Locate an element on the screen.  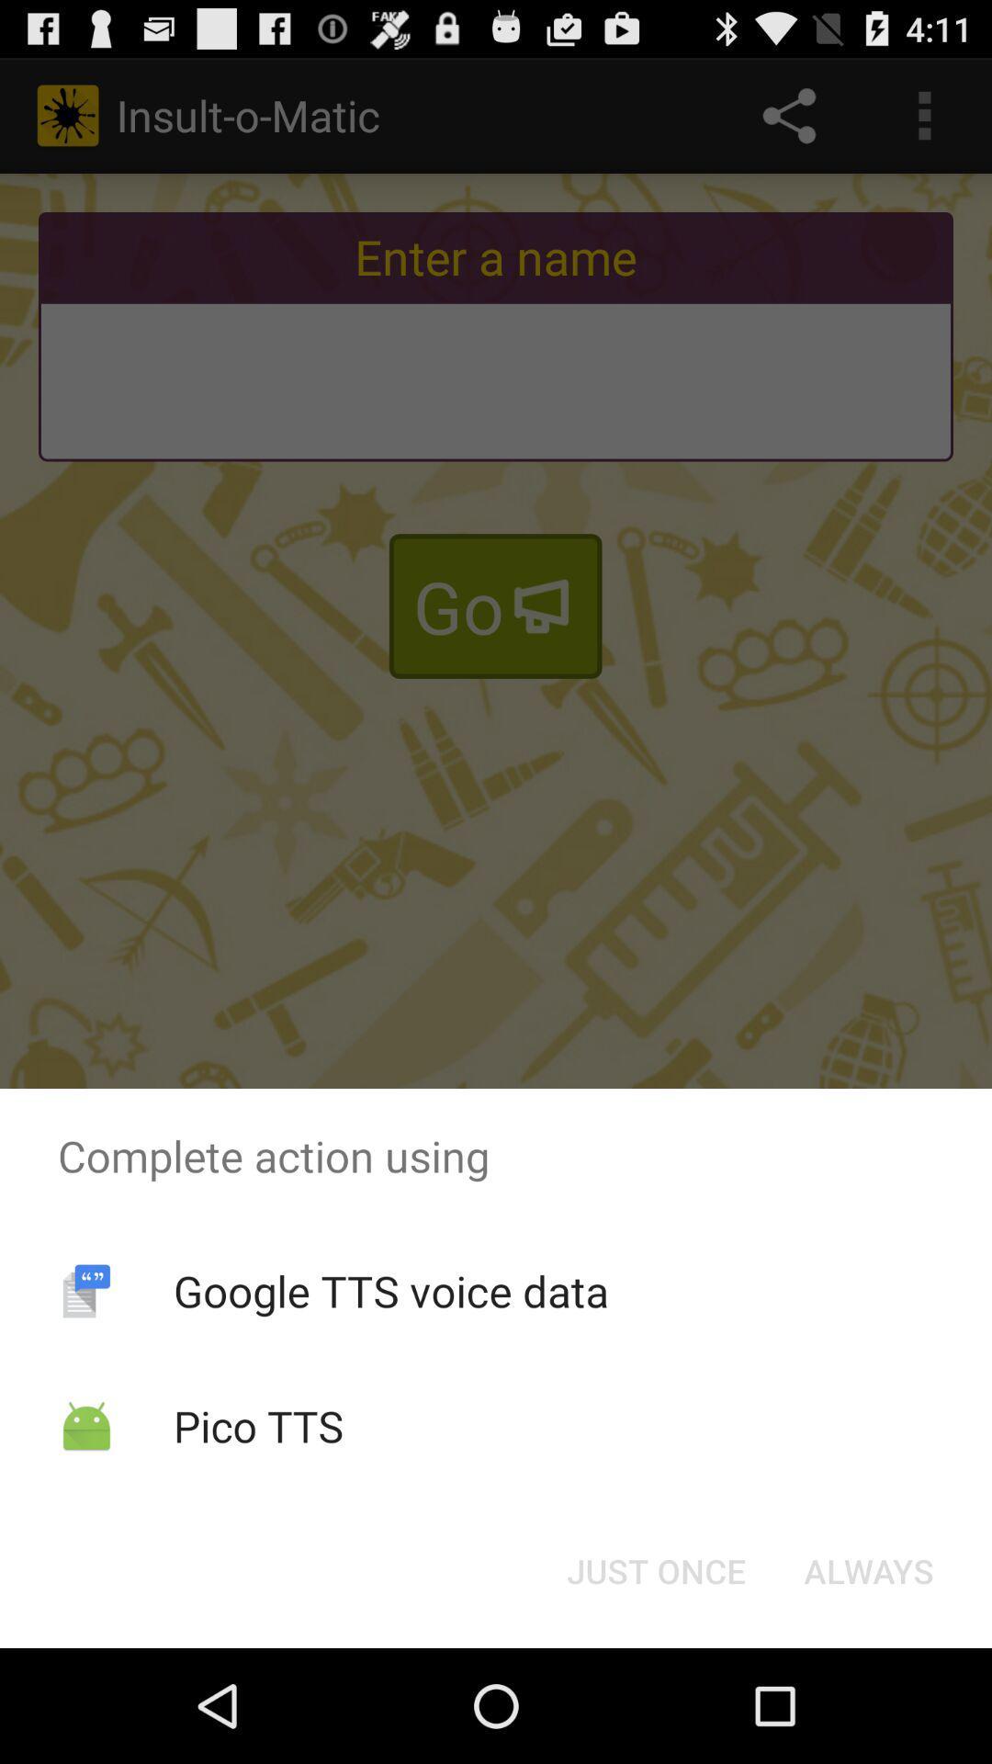
google tts voice is located at coordinates (389, 1290).